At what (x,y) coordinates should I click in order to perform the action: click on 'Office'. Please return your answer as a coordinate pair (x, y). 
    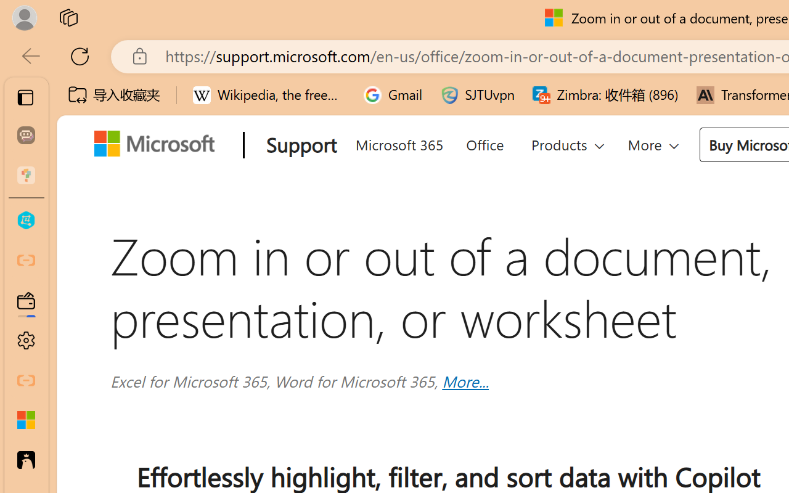
    Looking at the image, I should click on (483, 142).